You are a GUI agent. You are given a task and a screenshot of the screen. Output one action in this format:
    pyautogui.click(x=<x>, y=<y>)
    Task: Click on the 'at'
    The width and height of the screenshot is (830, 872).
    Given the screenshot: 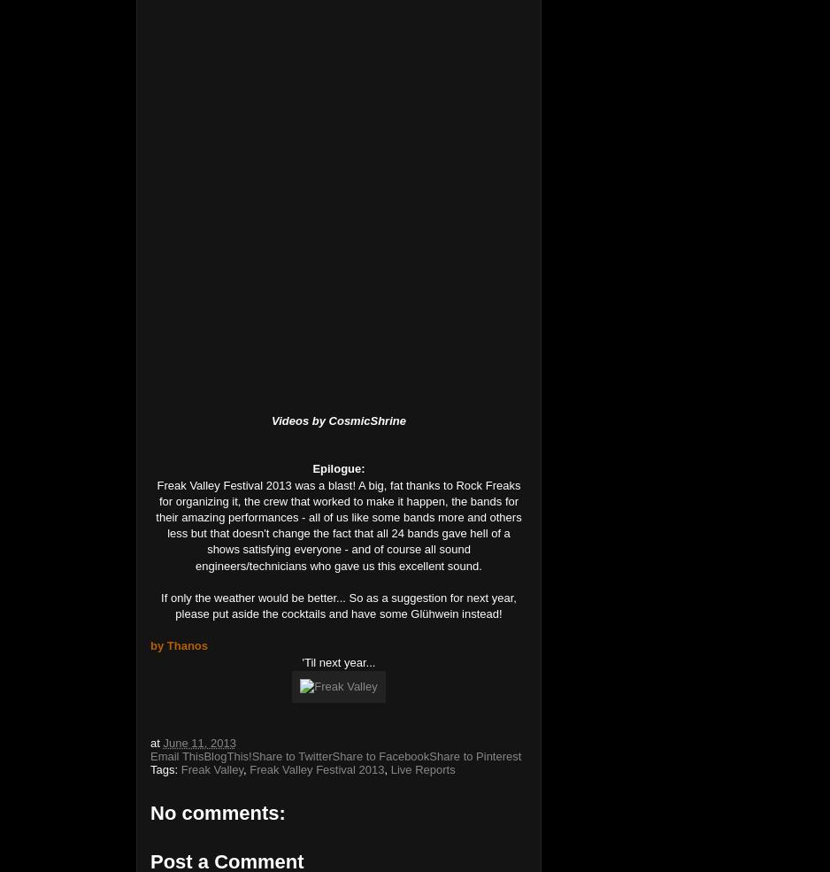 What is the action you would take?
    pyautogui.click(x=156, y=741)
    